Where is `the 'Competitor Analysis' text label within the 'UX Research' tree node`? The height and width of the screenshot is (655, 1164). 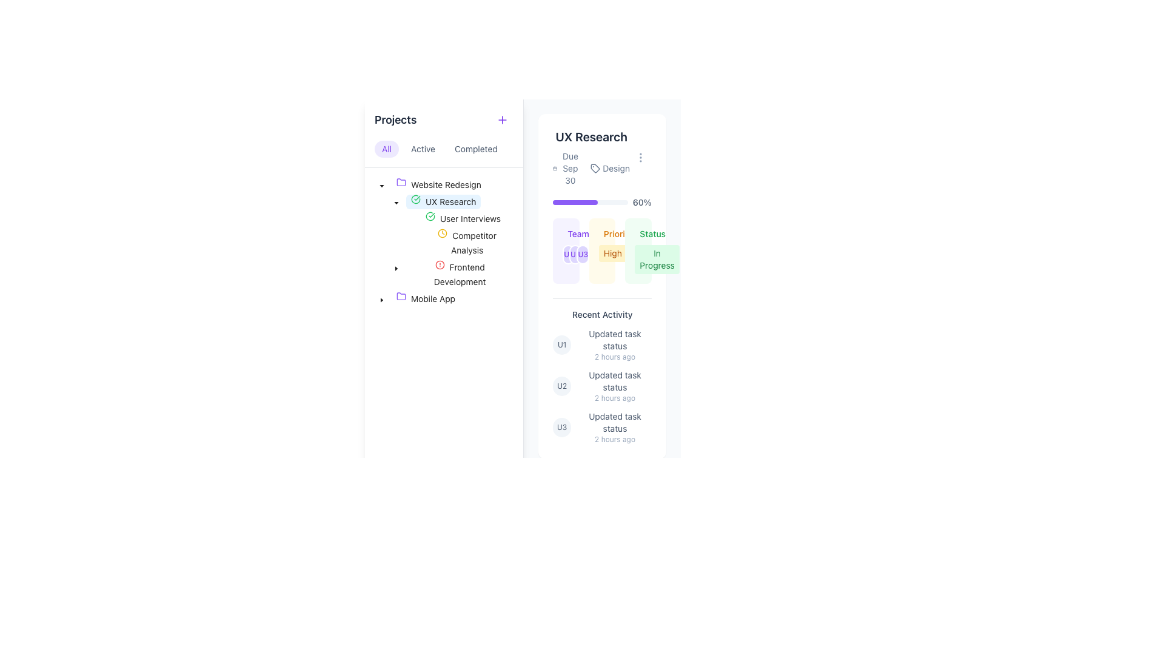 the 'Competitor Analysis' text label within the 'UX Research' tree node is located at coordinates (473, 243).